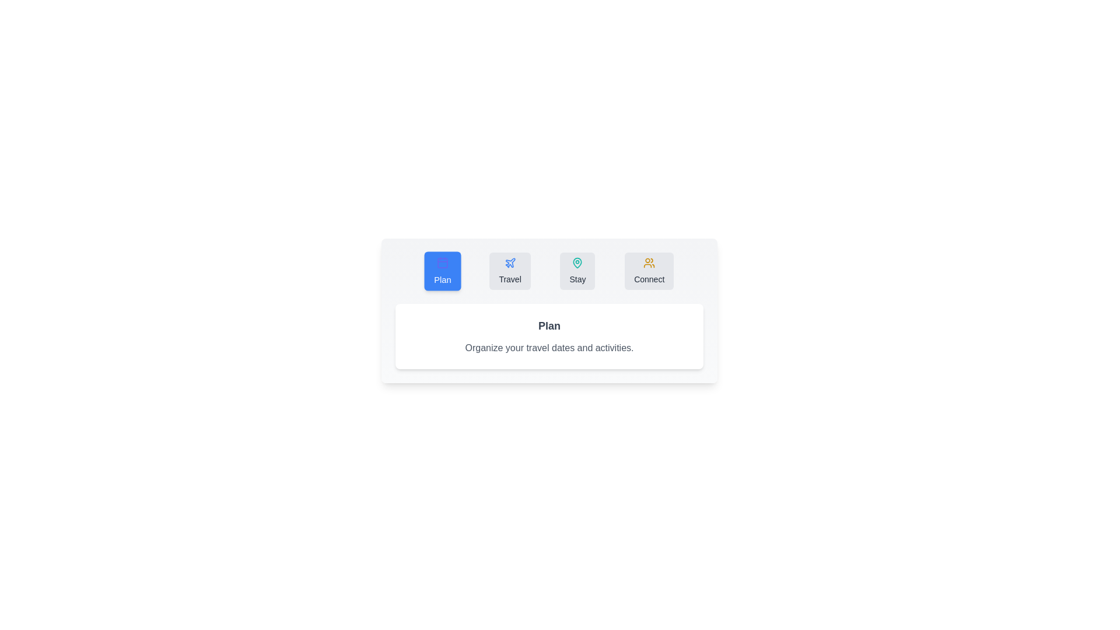 This screenshot has height=630, width=1120. I want to click on the tab labeled 'Connect' to preview its hover state, so click(649, 271).